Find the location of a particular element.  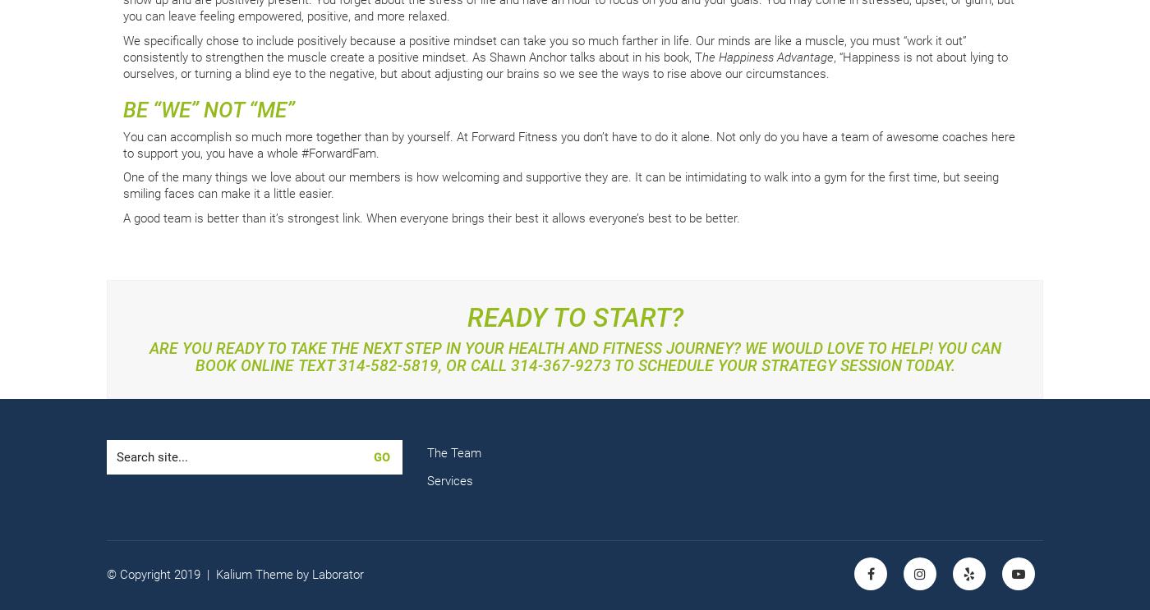

'Are you ready to take the next step in your health and fitness journey? We would love to help! You can' is located at coordinates (574, 347).